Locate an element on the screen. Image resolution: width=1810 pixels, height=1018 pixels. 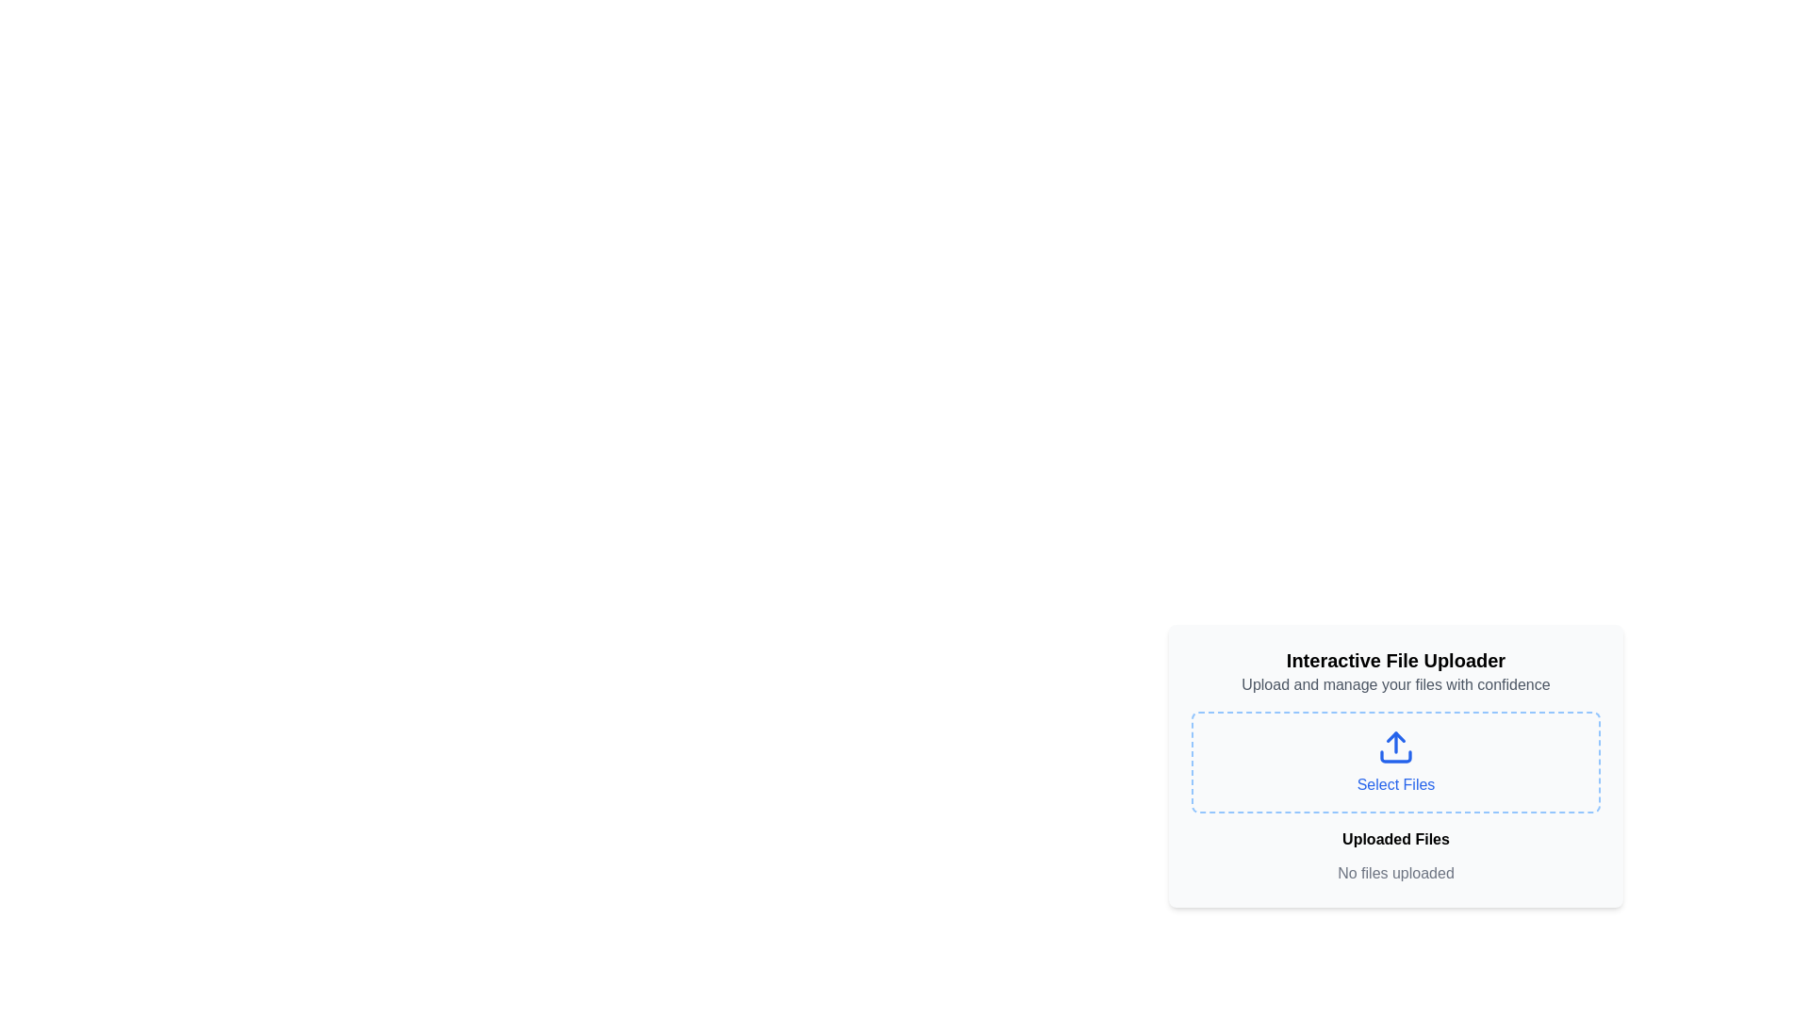
the dashed light-blue-bordered area of the Interactive File Uploader component is located at coordinates (1396, 780).